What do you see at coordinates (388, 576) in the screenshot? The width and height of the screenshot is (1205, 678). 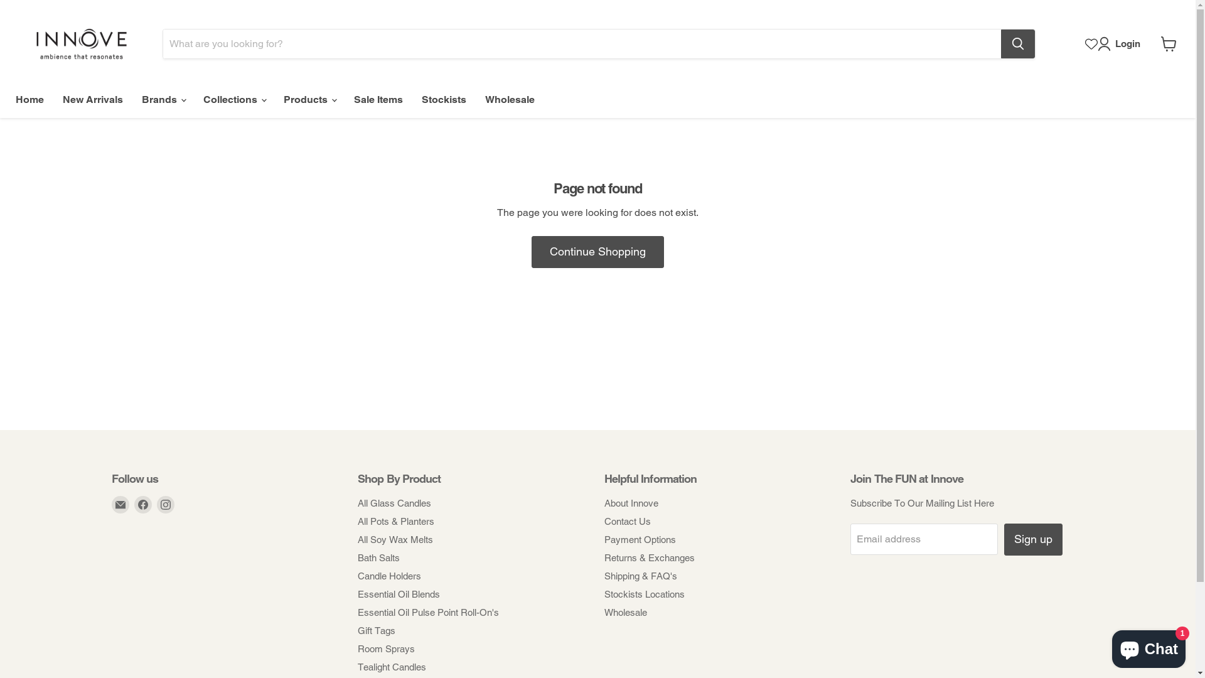 I see `'Candle Holders'` at bounding box center [388, 576].